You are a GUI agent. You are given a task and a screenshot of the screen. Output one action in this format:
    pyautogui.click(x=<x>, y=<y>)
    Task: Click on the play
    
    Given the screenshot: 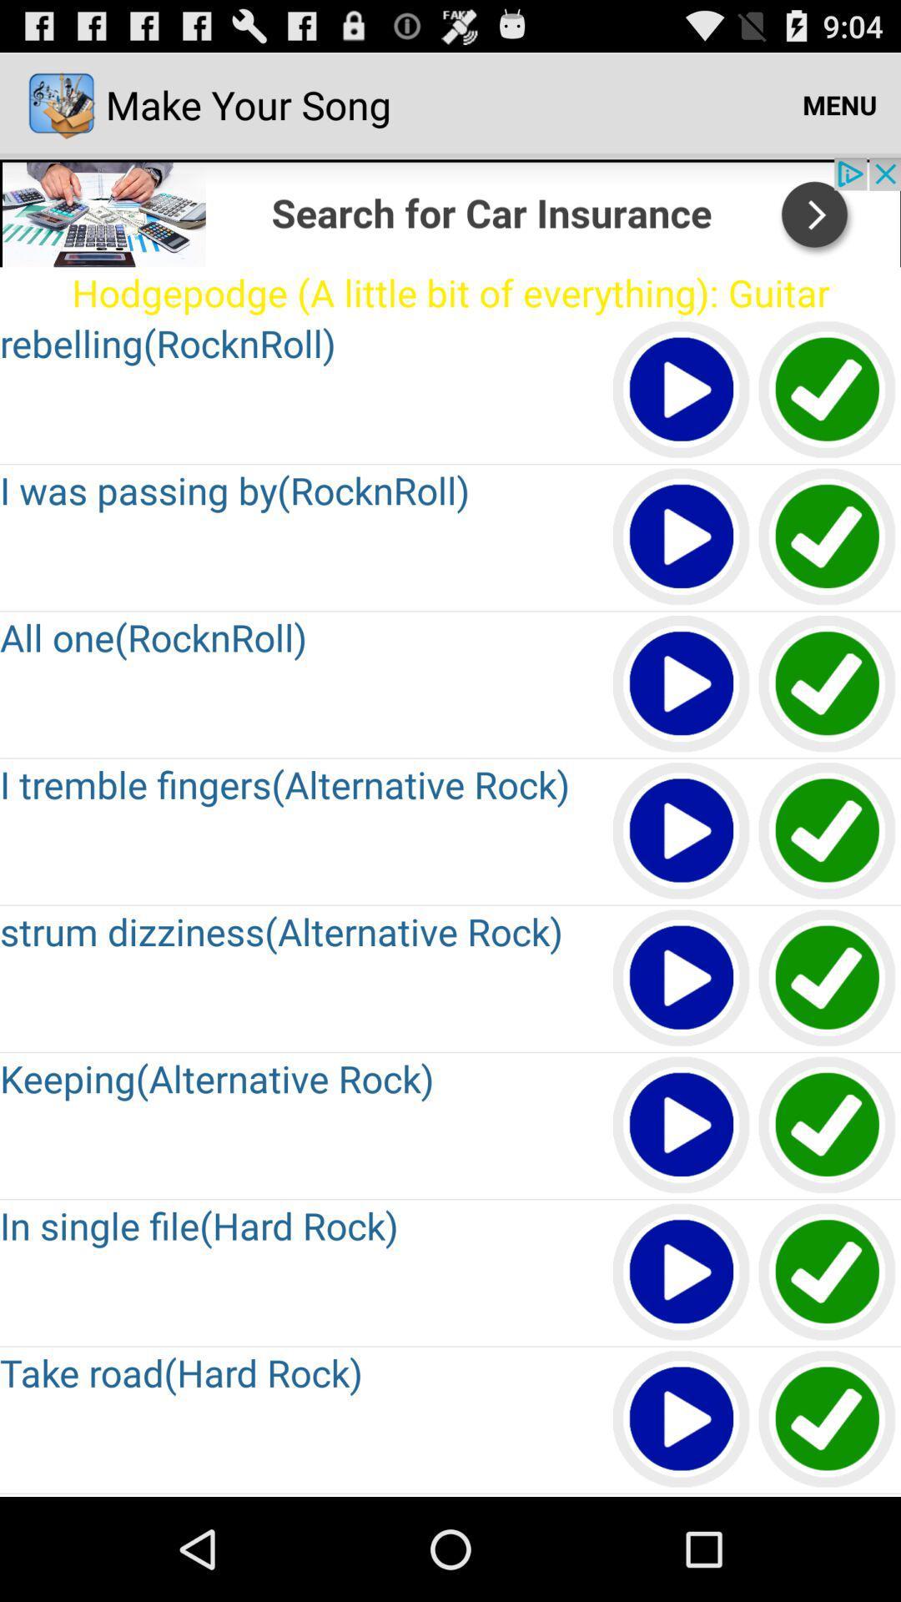 What is the action you would take?
    pyautogui.click(x=682, y=1419)
    